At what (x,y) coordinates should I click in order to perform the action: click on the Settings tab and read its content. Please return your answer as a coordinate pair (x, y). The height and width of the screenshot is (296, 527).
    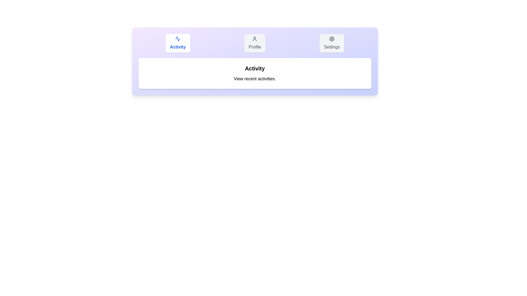
    Looking at the image, I should click on (332, 43).